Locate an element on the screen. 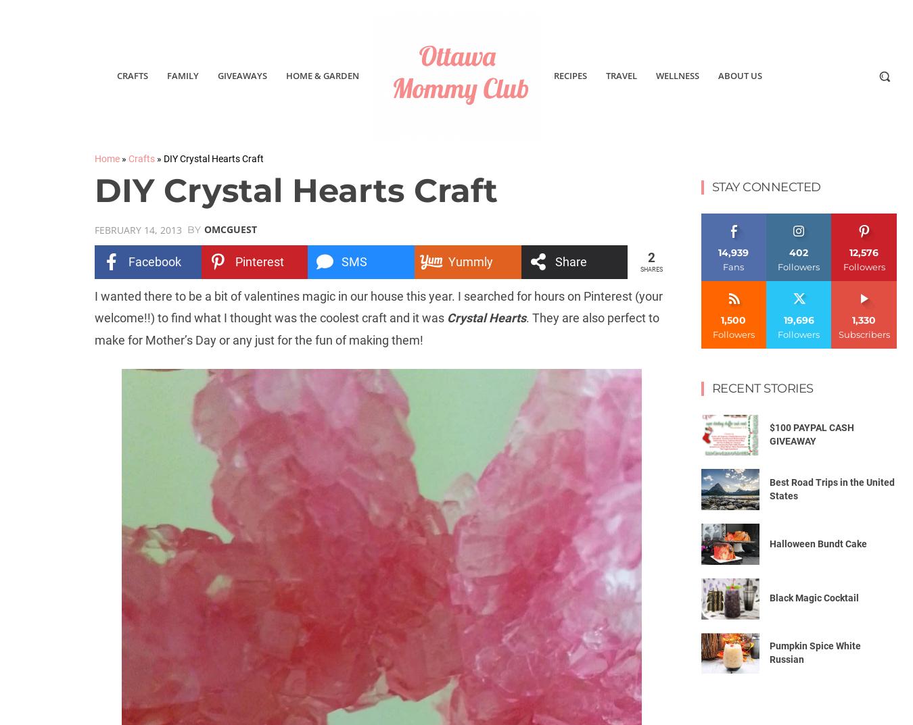 The image size is (913, 725). 'February 14, 2013' is located at coordinates (138, 229).